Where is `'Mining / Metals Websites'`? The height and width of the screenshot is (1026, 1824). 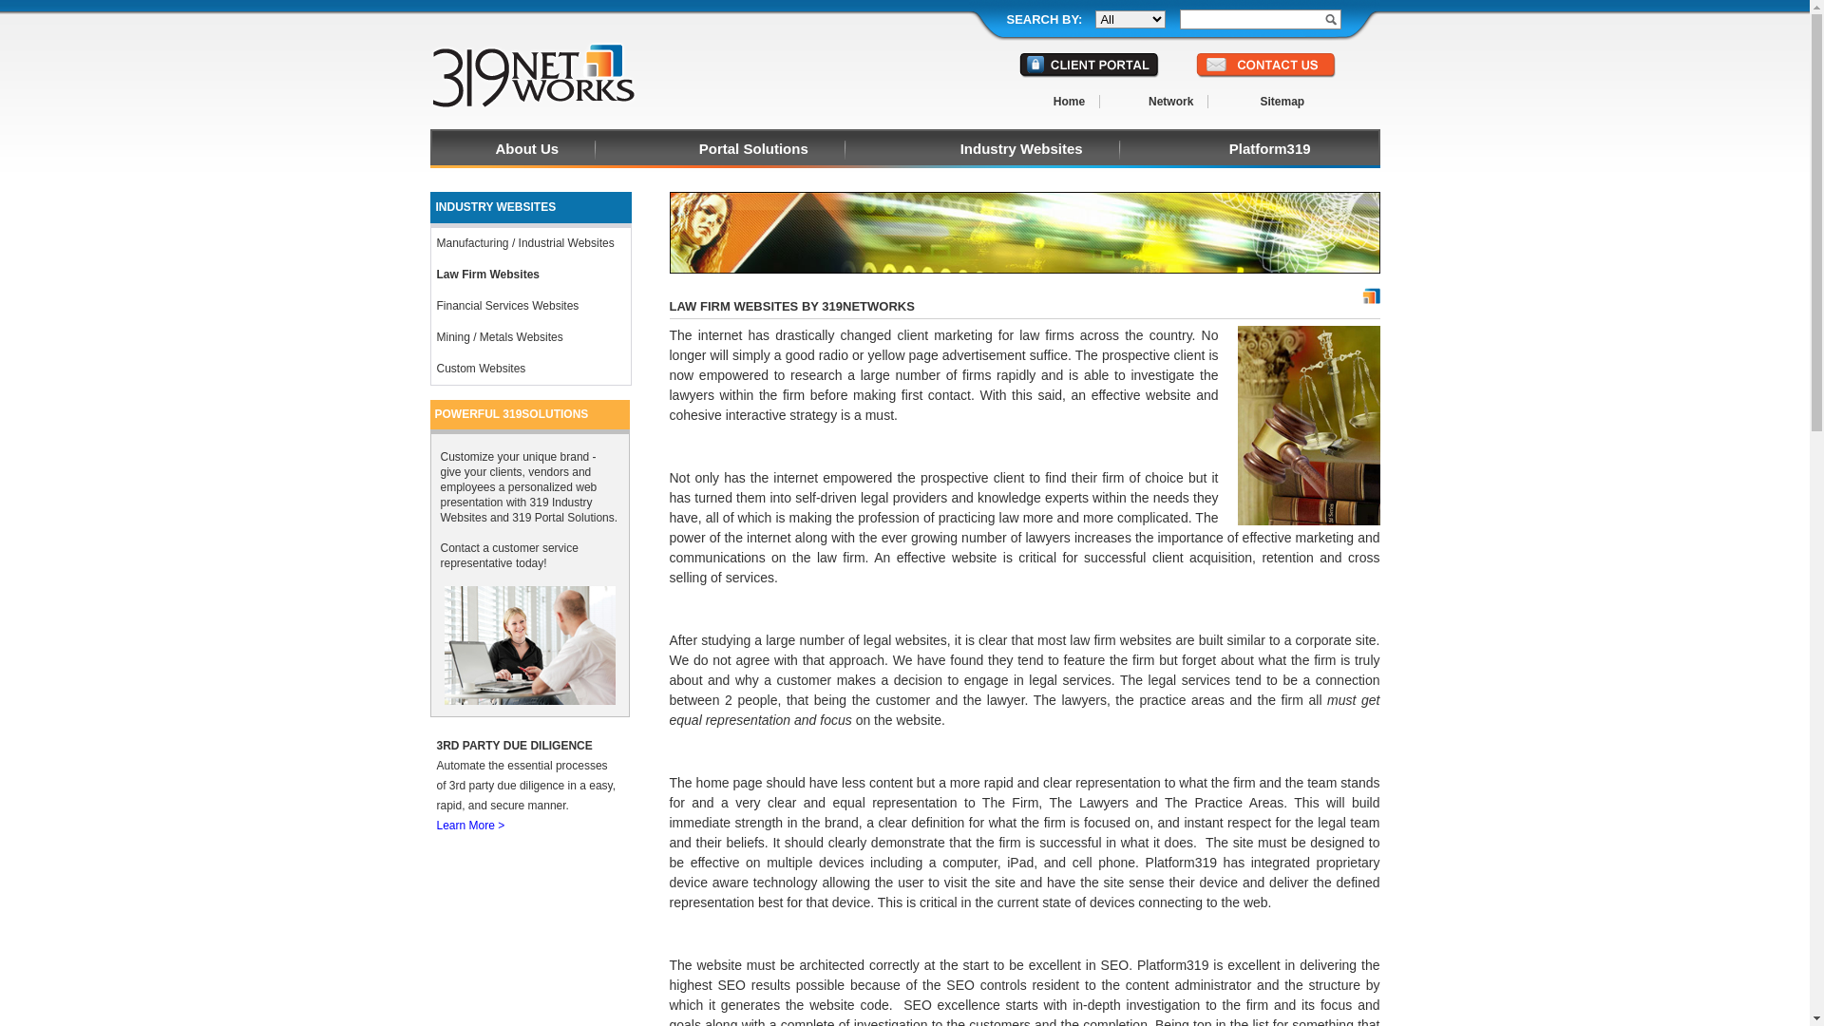 'Mining / Metals Websites' is located at coordinates (529, 336).